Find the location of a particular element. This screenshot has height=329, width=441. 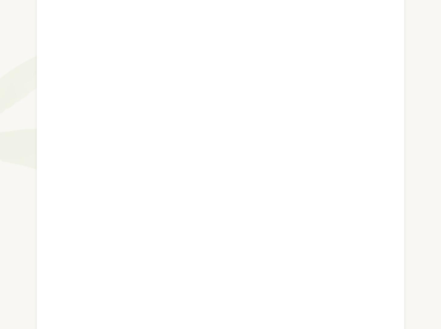

'“Having ozone has given me energy. For nearly two years I had none and stayed in bed for most of that time. After a few months of Ozone Therapy I was able to go back to working in England for another two years.”' is located at coordinates (217, 137).